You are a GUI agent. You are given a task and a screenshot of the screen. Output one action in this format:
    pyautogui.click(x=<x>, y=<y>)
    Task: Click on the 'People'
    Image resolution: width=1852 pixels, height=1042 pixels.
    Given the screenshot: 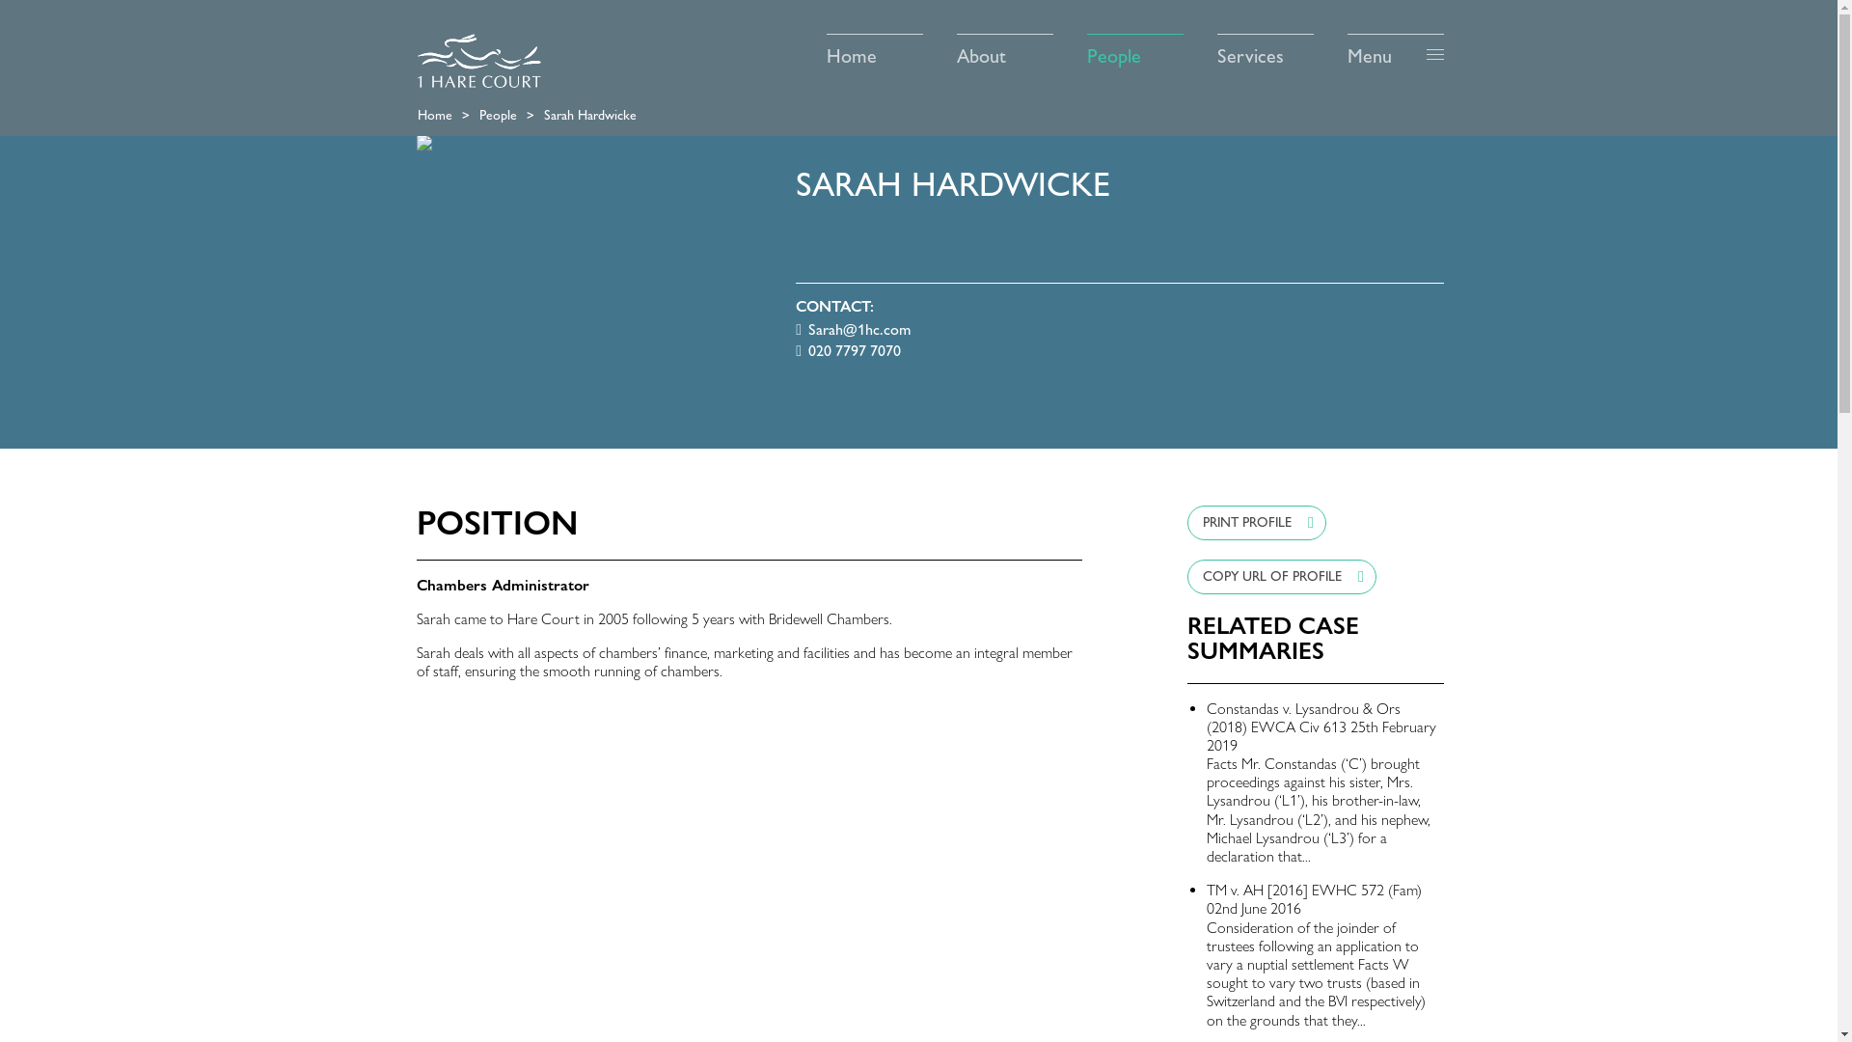 What is the action you would take?
    pyautogui.click(x=1134, y=48)
    